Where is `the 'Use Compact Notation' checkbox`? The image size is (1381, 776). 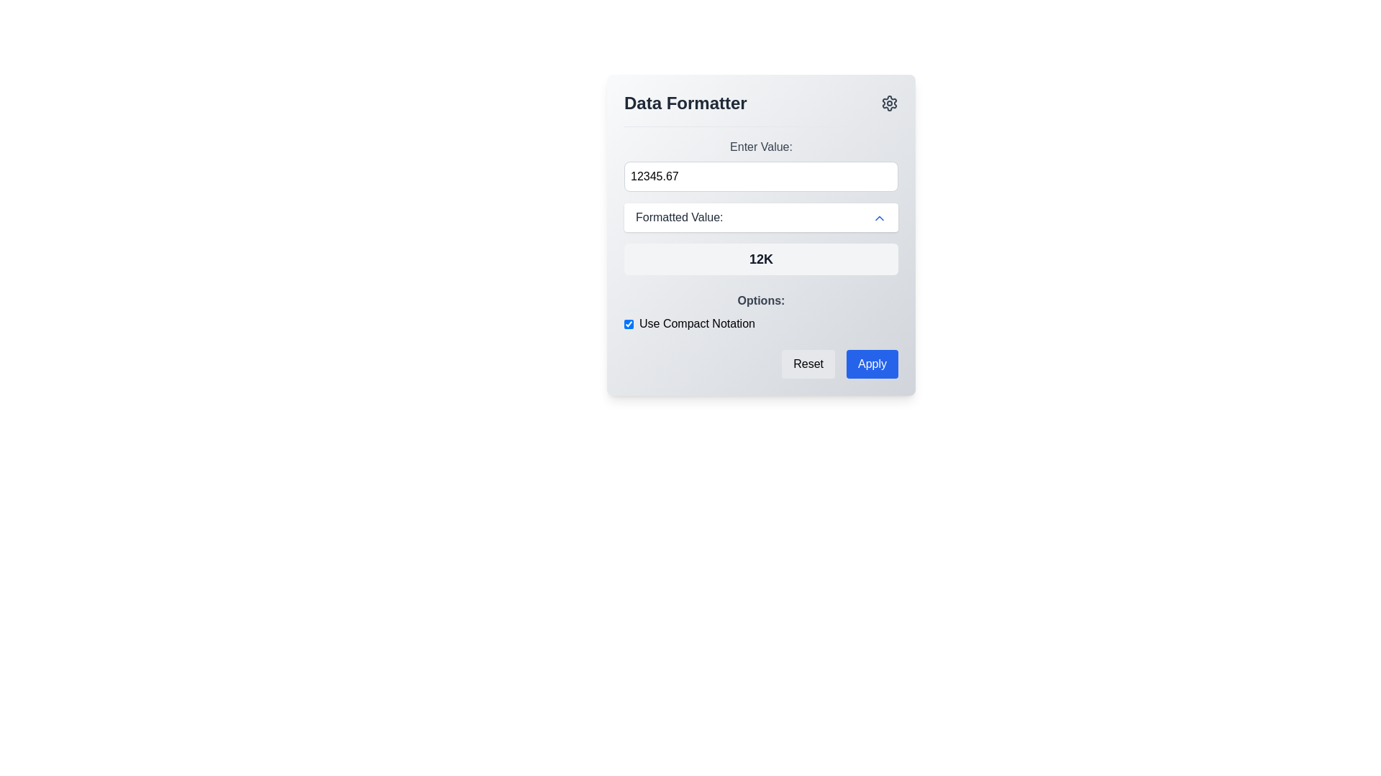 the 'Use Compact Notation' checkbox is located at coordinates (760, 312).